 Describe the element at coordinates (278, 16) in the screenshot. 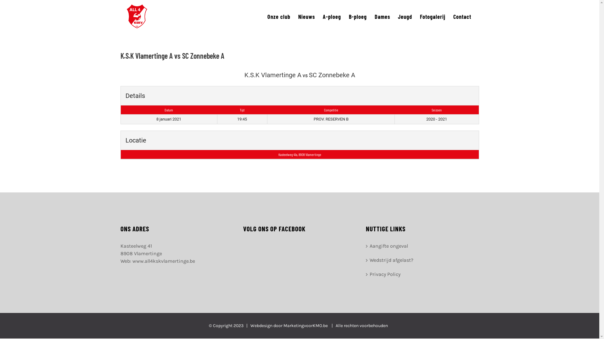

I see `'Onze club'` at that location.